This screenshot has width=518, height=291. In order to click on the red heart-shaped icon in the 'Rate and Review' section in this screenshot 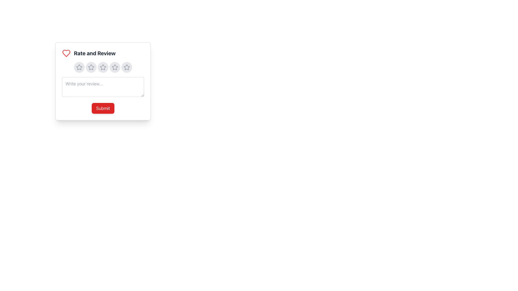, I will do `click(66, 53)`.